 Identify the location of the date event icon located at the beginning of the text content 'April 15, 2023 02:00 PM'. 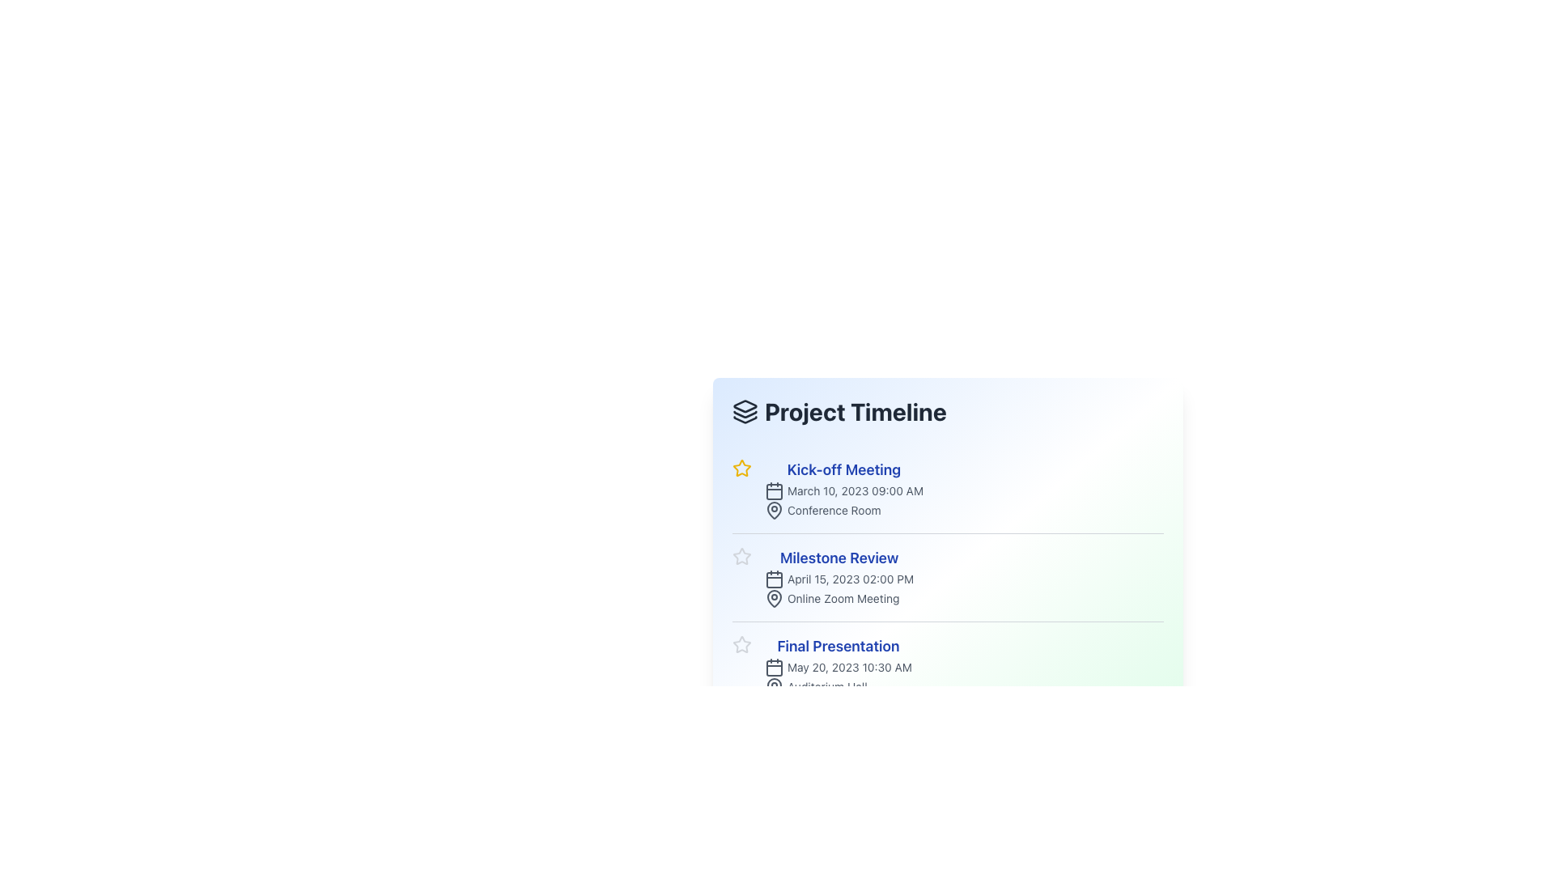
(773, 579).